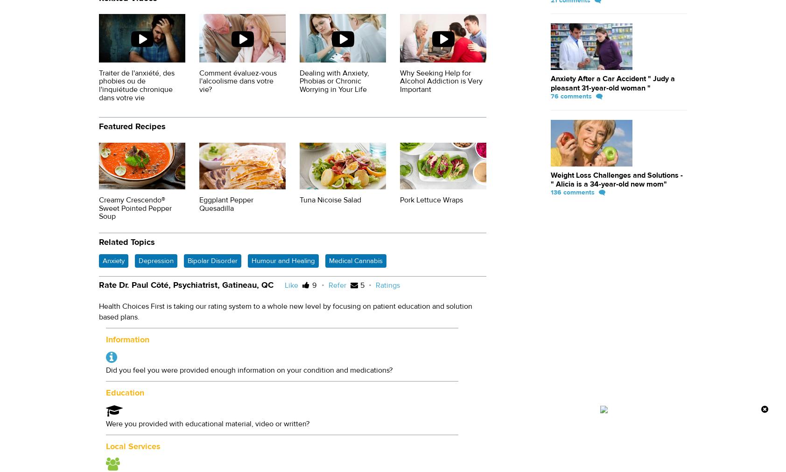 The width and height of the screenshot is (786, 472). Describe the element at coordinates (312, 285) in the screenshot. I see `'9'` at that location.